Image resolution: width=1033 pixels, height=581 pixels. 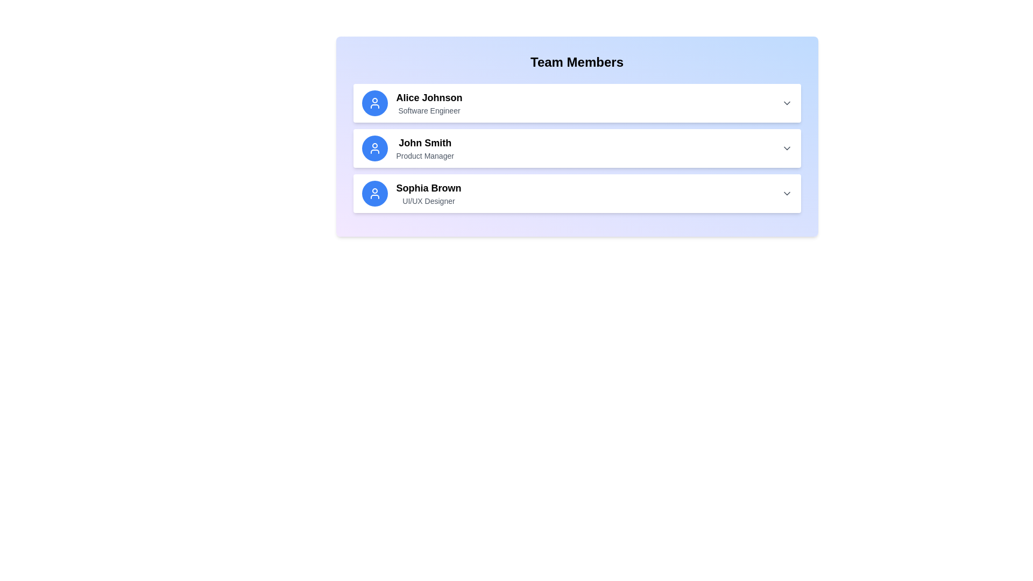 What do you see at coordinates (424, 143) in the screenshot?
I see `the bold text label displaying the name 'John Smith', which is located in the second row of the team members list, centered horizontally and above the text 'Product Manager'` at bounding box center [424, 143].